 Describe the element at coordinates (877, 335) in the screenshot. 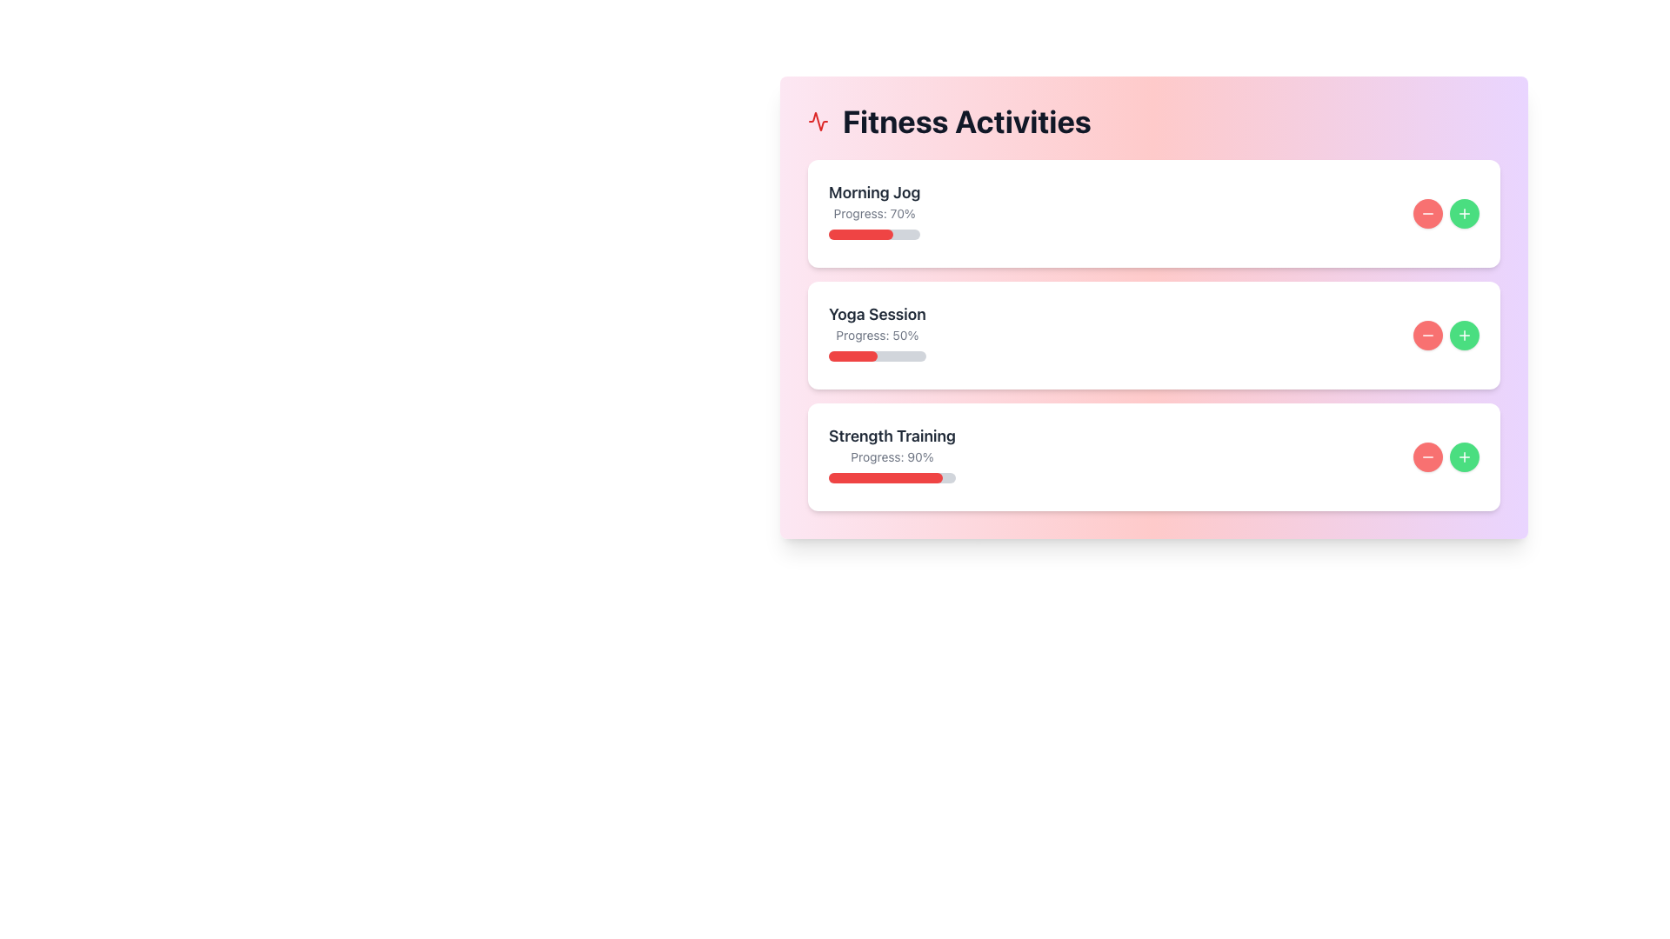

I see `the second item in the vertically stacked list titled 'Fitness Activities,' which is the Informational Element displaying the 'Yoga Session' progress at 50%` at that location.